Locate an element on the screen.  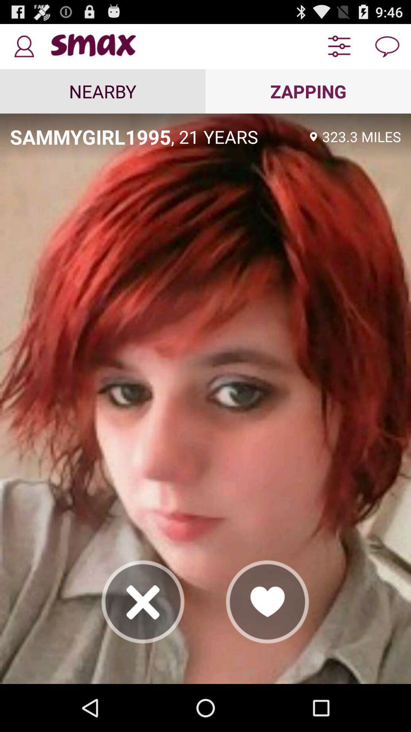
show settings is located at coordinates (339, 46).